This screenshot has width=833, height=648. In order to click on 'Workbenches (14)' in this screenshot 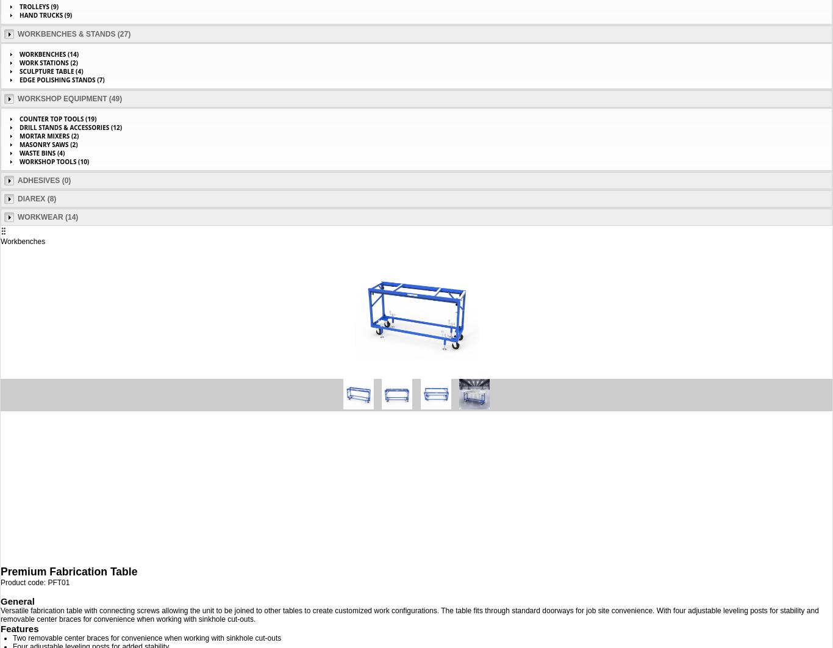, I will do `click(49, 54)`.